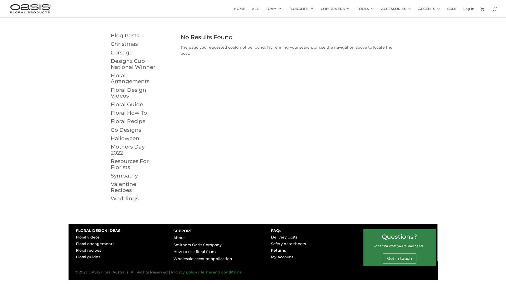 This screenshot has width=506, height=284. Describe the element at coordinates (396, 12) in the screenshot. I see `'ACCESSORIES'` at that location.